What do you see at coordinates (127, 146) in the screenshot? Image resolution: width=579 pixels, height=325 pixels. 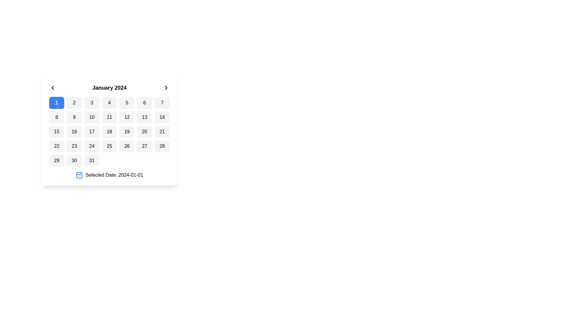 I see `the square button displaying the number '26' in the calendar grid` at bounding box center [127, 146].